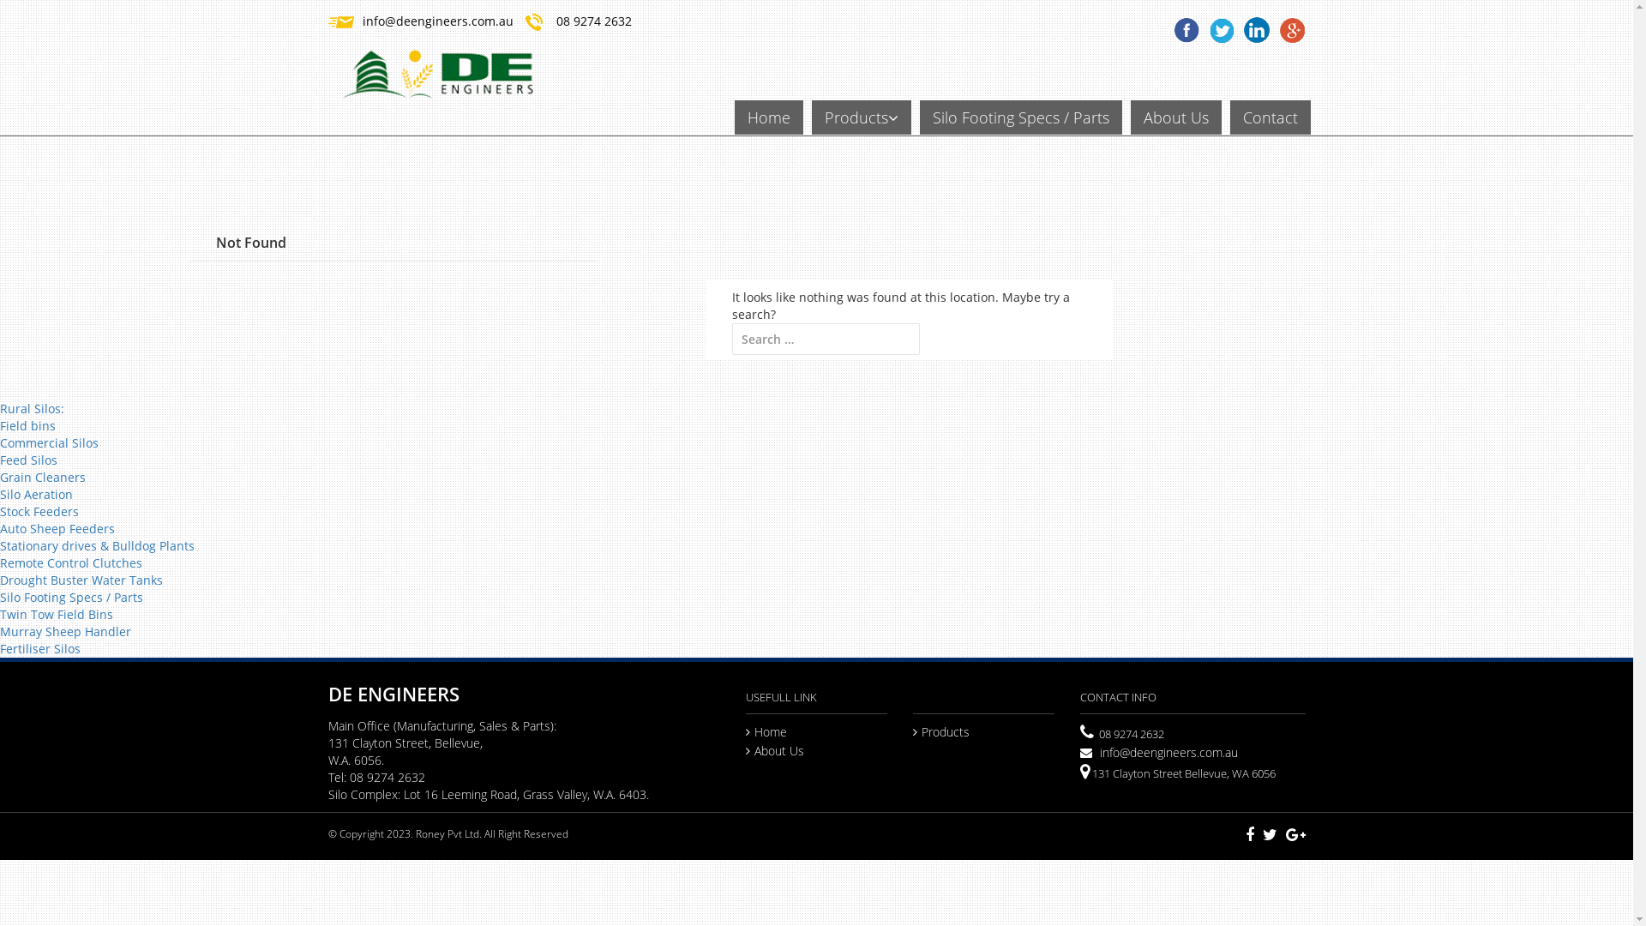 This screenshot has width=1646, height=926. I want to click on 'Products', so click(940, 731).